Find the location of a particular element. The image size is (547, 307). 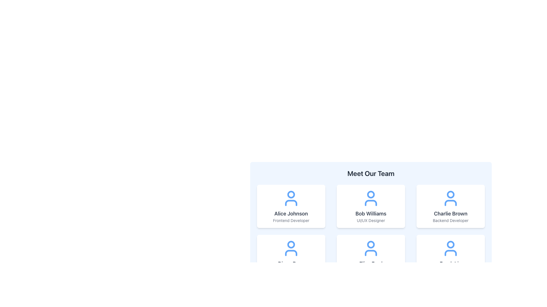

the text displaying 'Frank Lin' in gray color and bold font style, located within the bottom-right card of the team section, below the profile icon and above the text 'QA Engineer' is located at coordinates (450, 264).